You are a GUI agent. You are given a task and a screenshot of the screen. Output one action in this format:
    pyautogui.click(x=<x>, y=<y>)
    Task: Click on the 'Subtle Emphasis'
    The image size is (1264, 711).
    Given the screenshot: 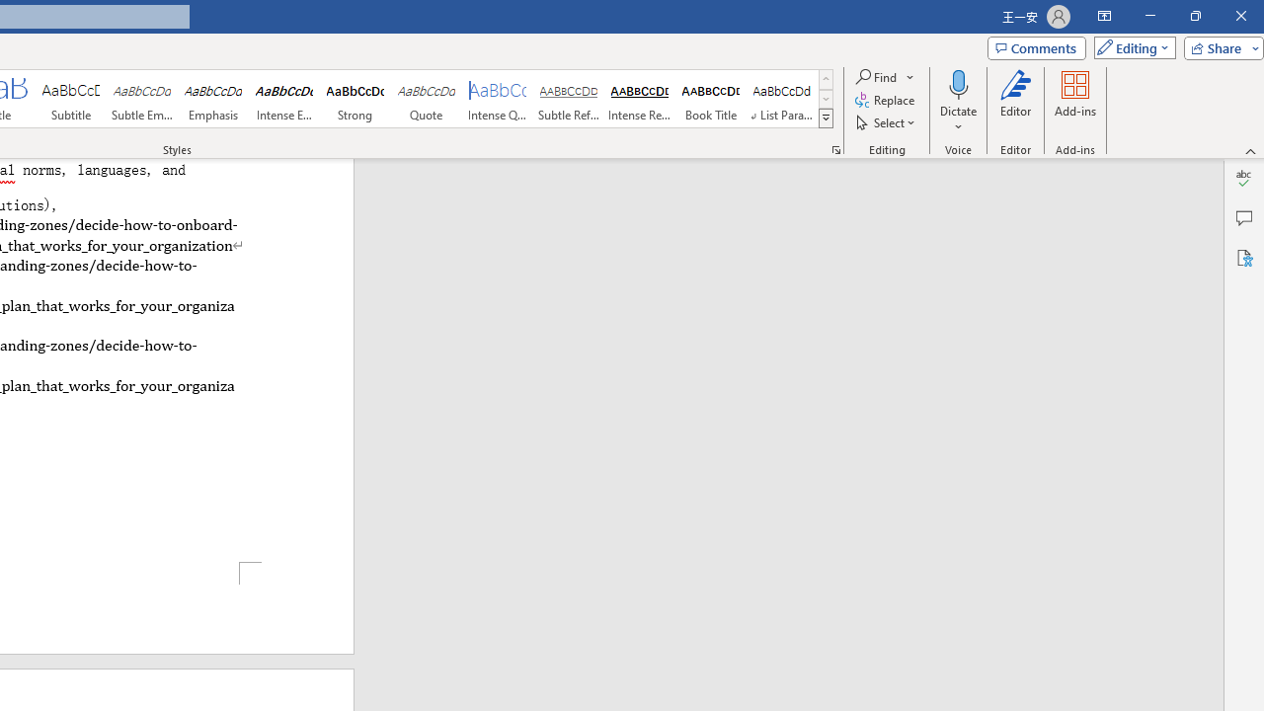 What is the action you would take?
    pyautogui.click(x=141, y=99)
    